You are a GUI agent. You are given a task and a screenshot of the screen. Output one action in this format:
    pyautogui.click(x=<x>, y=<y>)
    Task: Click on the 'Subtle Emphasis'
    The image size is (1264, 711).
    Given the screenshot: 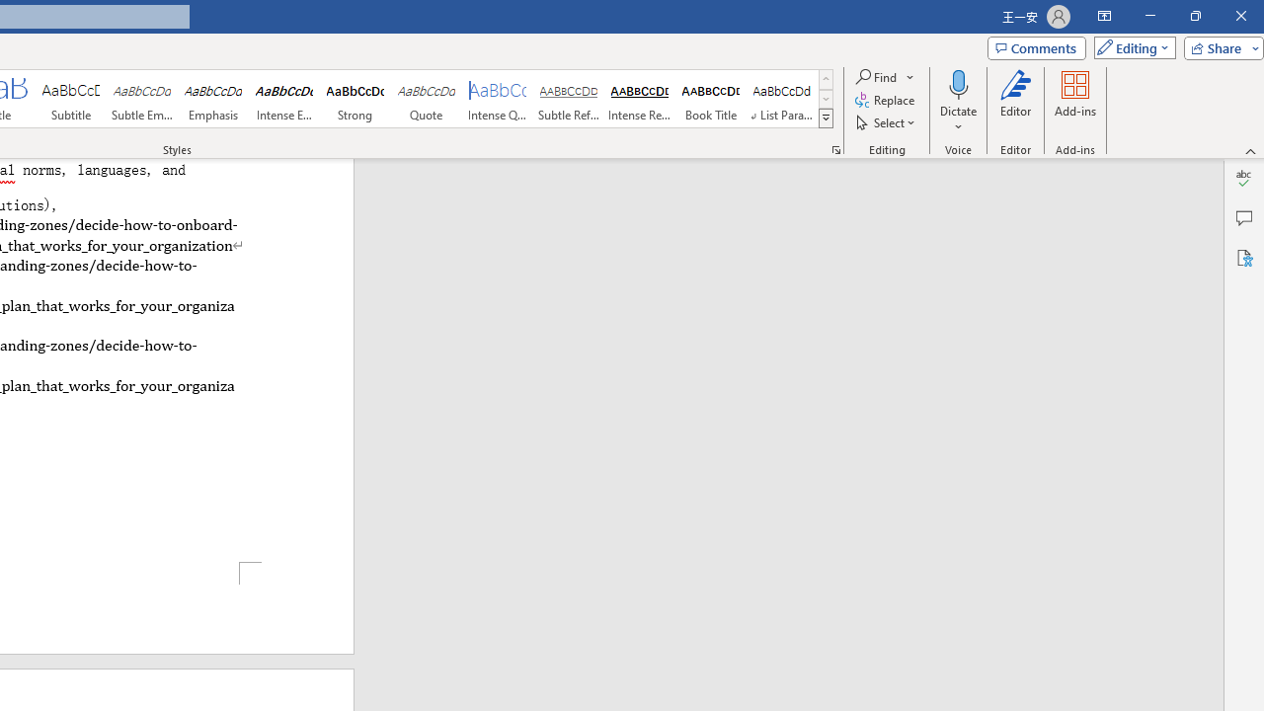 What is the action you would take?
    pyautogui.click(x=141, y=99)
    